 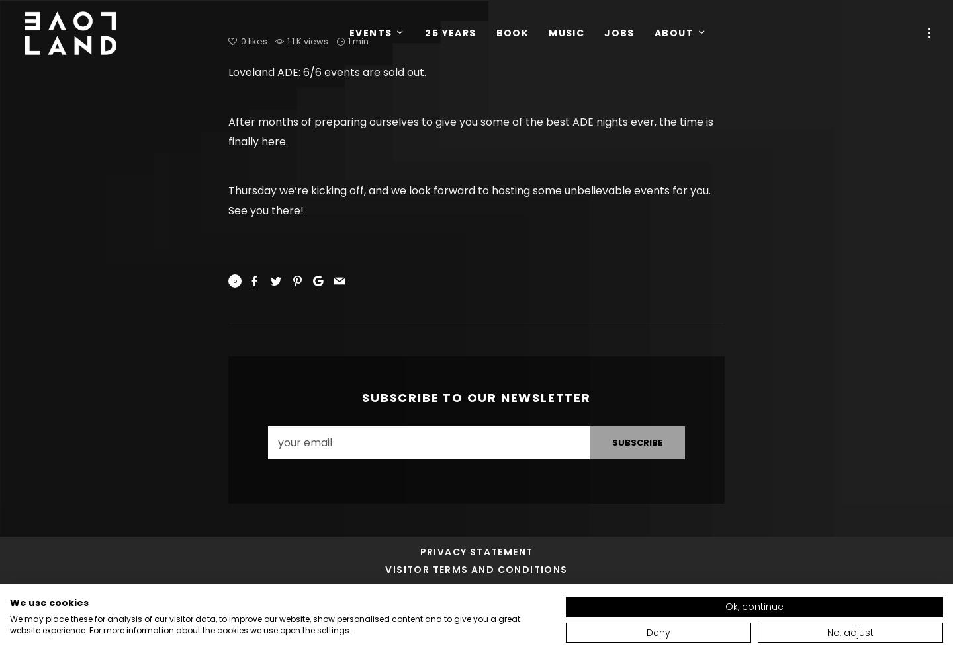 I want to click on 'Loveland ADE: 6/6 events are sold out.', so click(x=326, y=71).